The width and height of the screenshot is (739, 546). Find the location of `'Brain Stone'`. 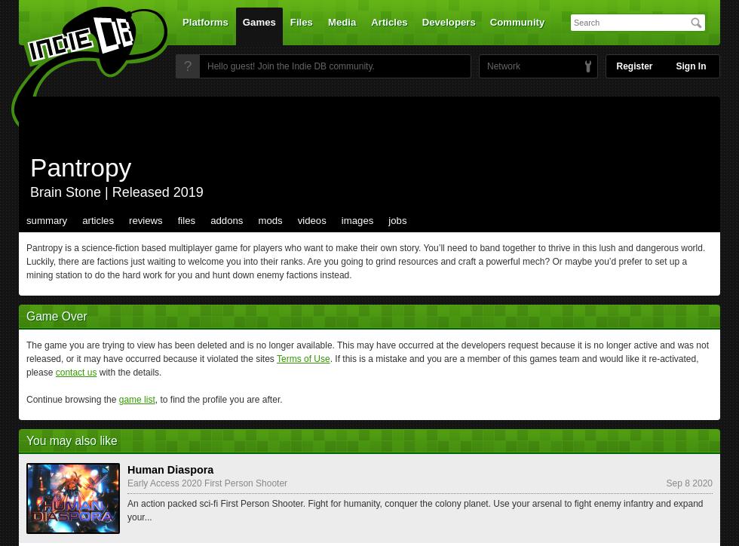

'Brain Stone' is located at coordinates (66, 191).